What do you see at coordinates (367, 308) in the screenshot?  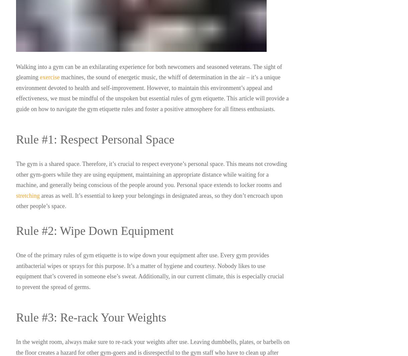 I see `'Instagram'` at bounding box center [367, 308].